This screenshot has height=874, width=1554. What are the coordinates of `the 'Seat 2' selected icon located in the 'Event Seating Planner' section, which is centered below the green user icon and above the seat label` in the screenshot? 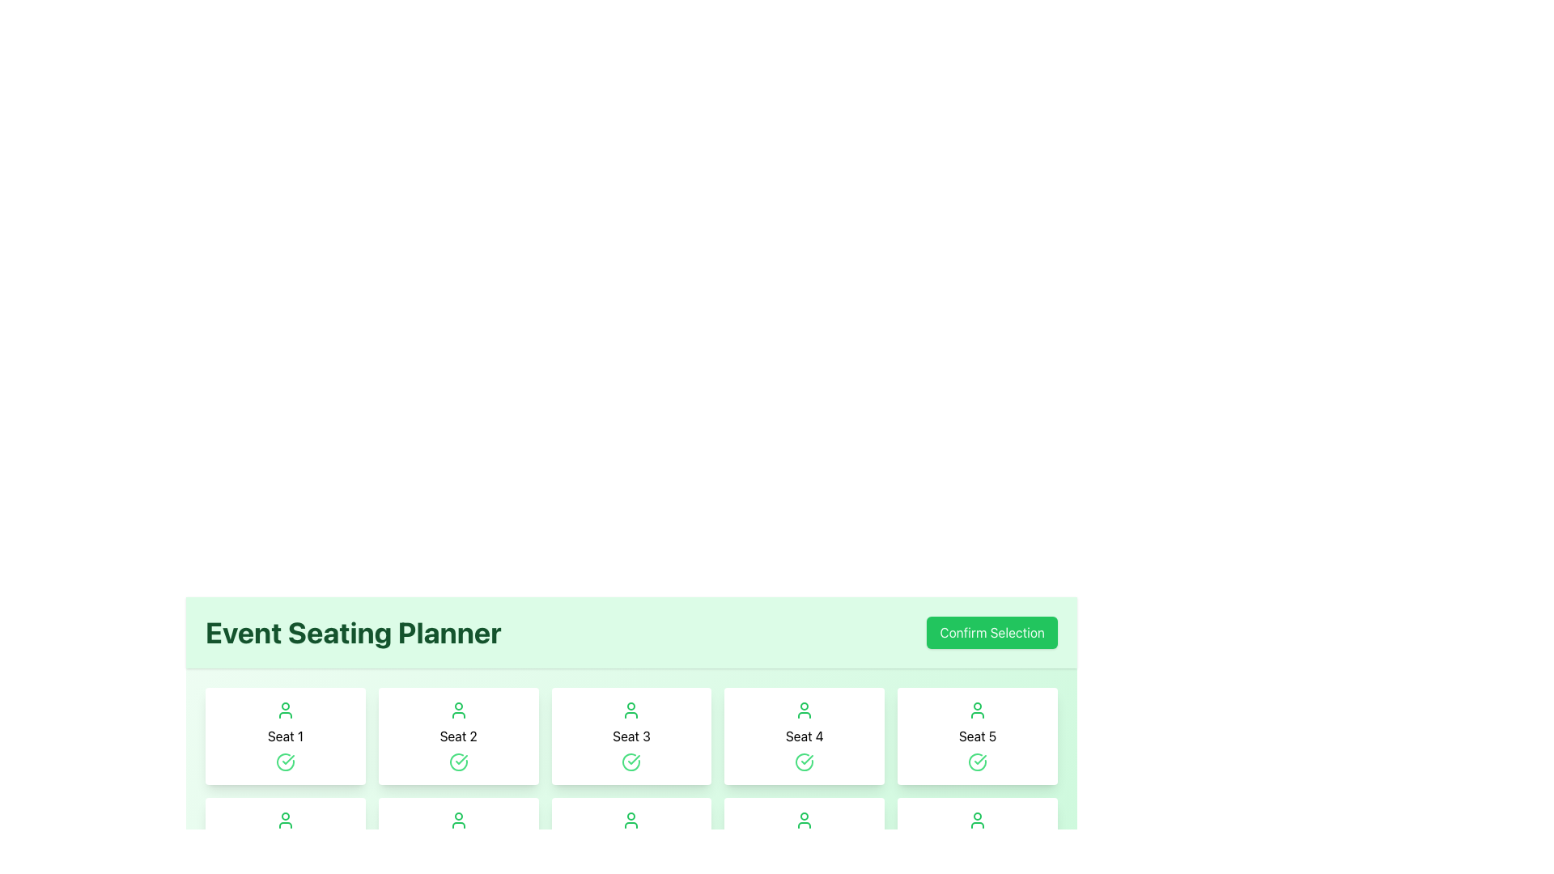 It's located at (457, 762).